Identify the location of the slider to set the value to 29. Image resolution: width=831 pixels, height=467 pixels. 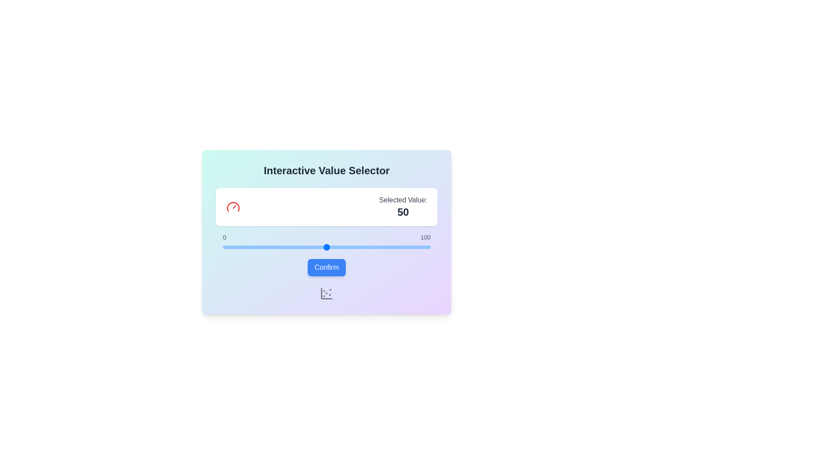
(283, 247).